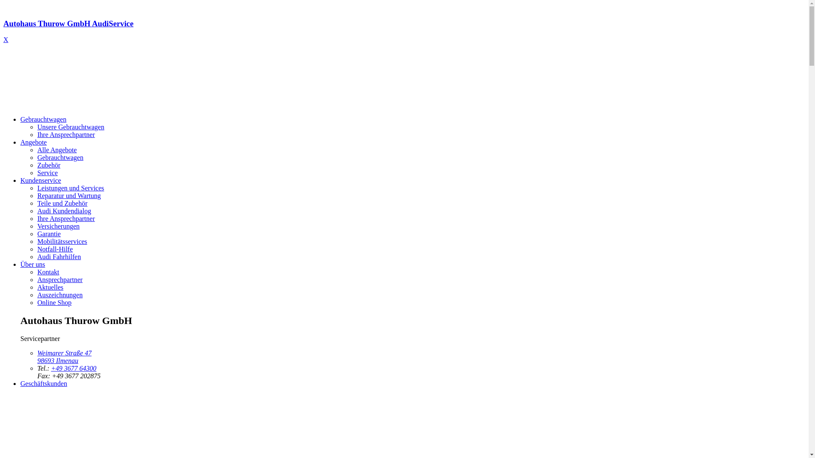  I want to click on 'X', so click(3, 39).